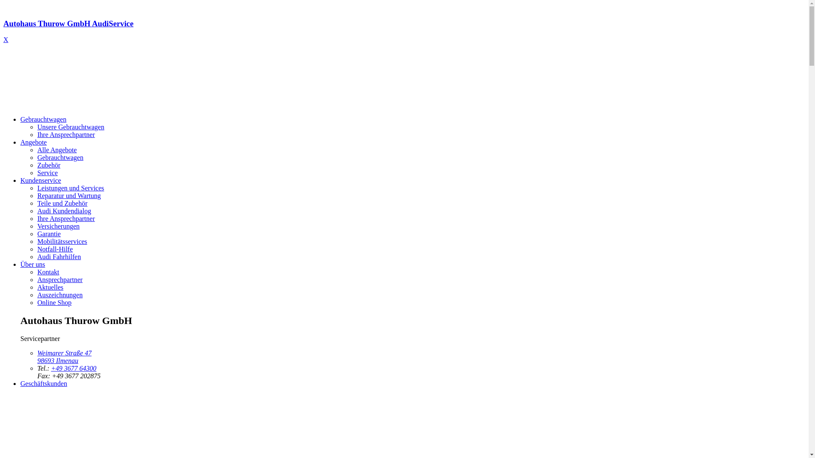  I want to click on 'X', so click(3, 39).